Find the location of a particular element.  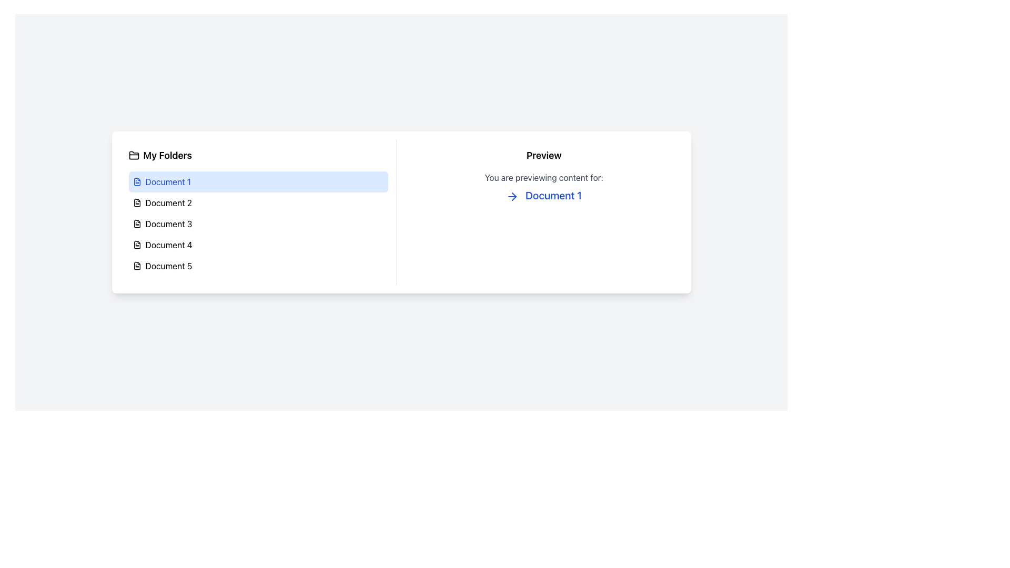

the navigation icon located to the left of the text 'Document 1' in the preview section of the page is located at coordinates (512, 196).